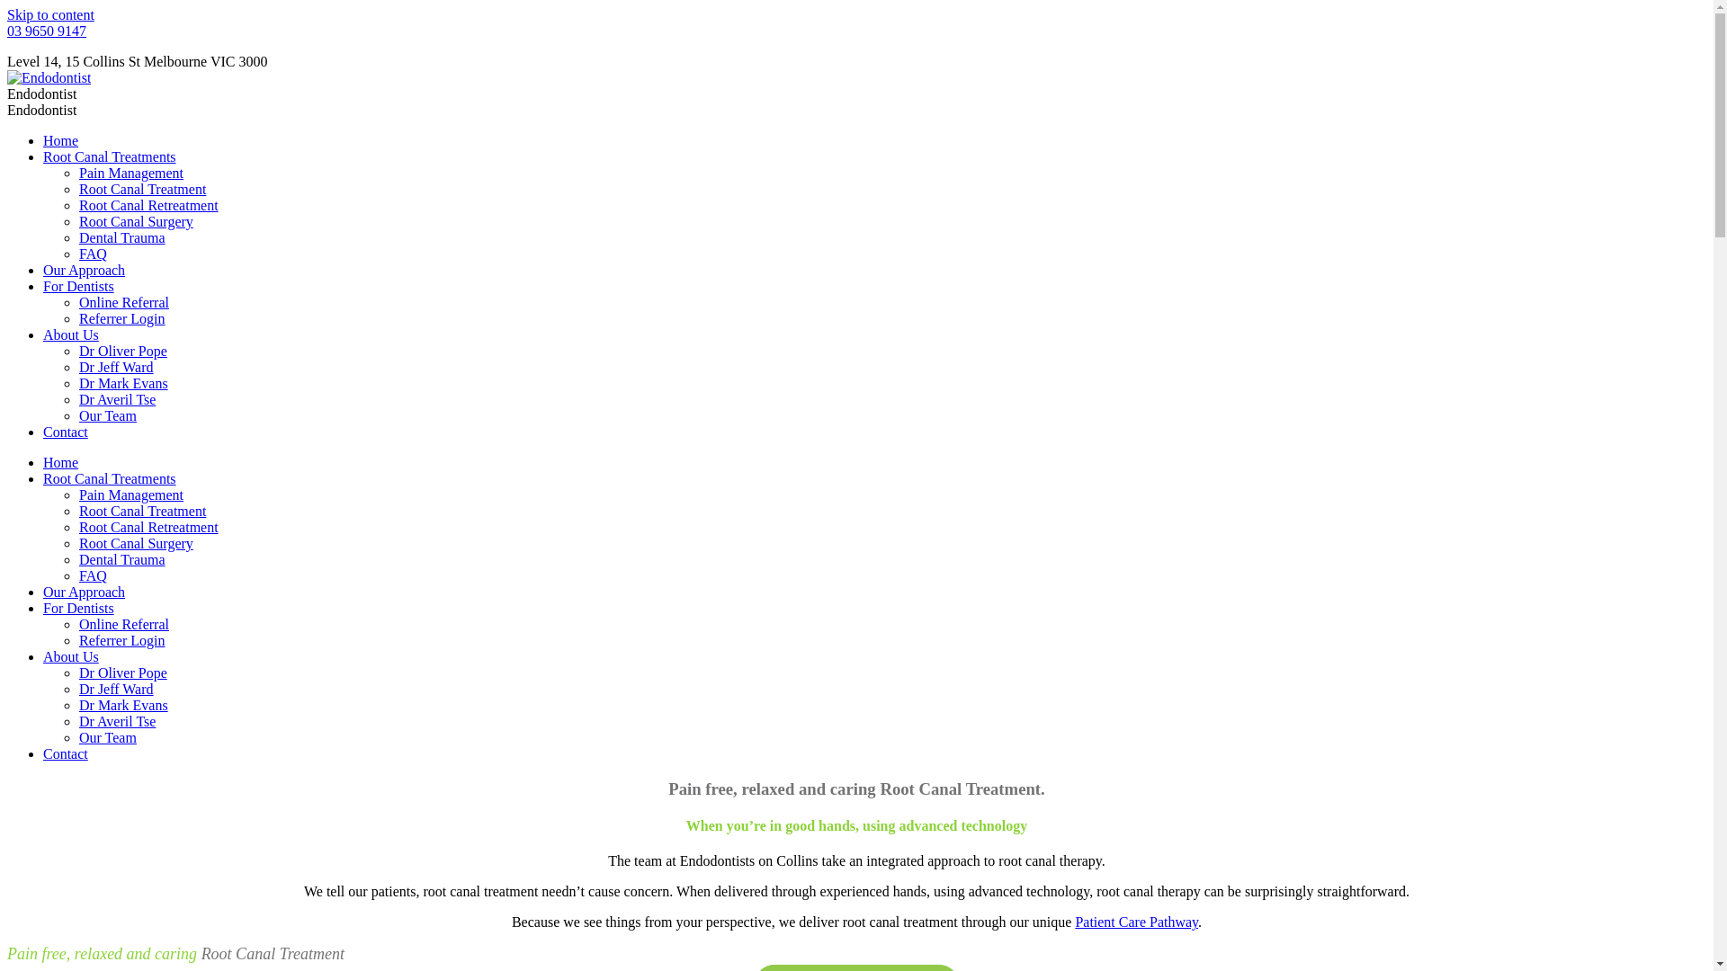  What do you see at coordinates (141, 511) in the screenshot?
I see `'Root Canal Treatment'` at bounding box center [141, 511].